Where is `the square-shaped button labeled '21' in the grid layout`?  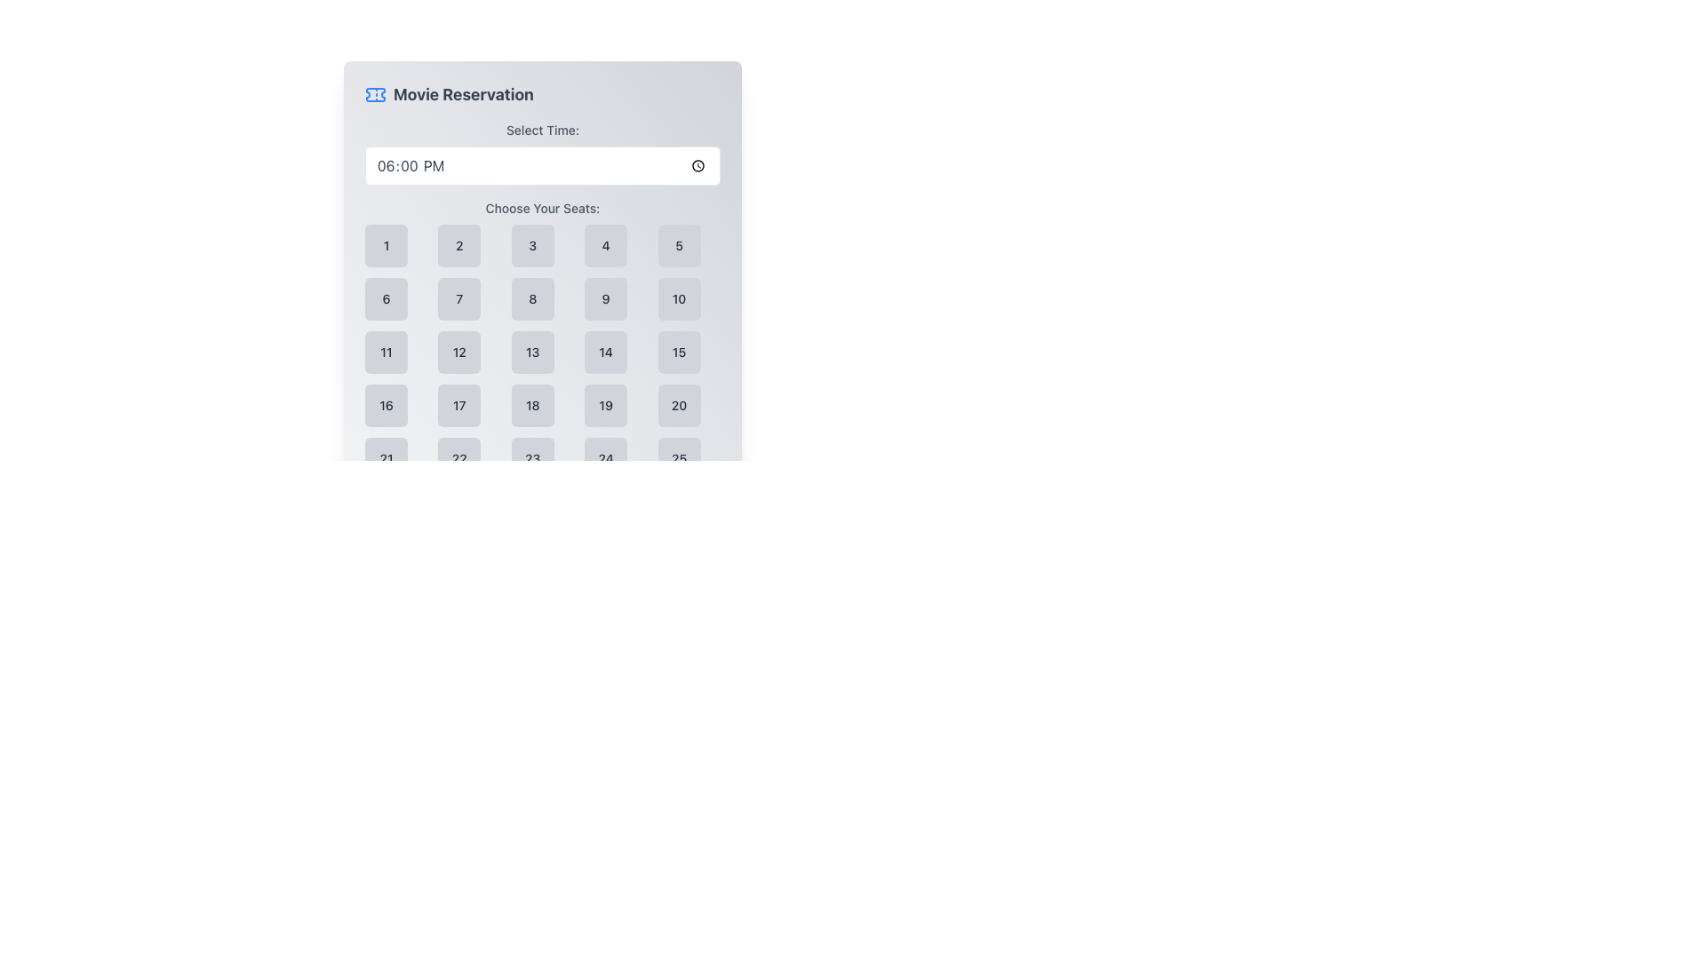 the square-shaped button labeled '21' in the grid layout is located at coordinates (386, 457).